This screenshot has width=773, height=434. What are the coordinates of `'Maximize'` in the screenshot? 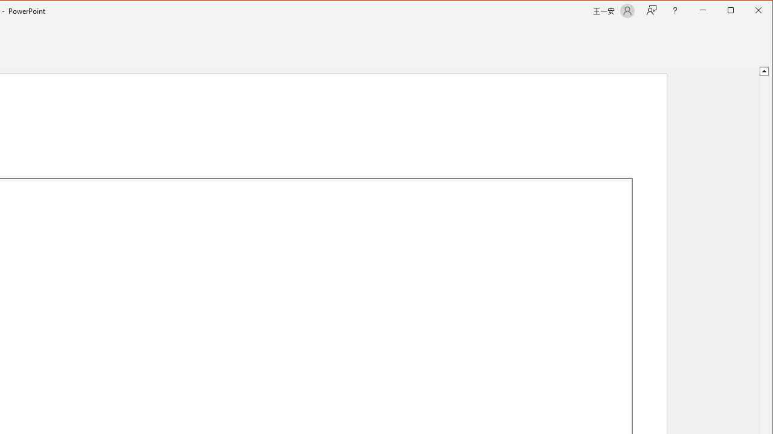 It's located at (748, 11).